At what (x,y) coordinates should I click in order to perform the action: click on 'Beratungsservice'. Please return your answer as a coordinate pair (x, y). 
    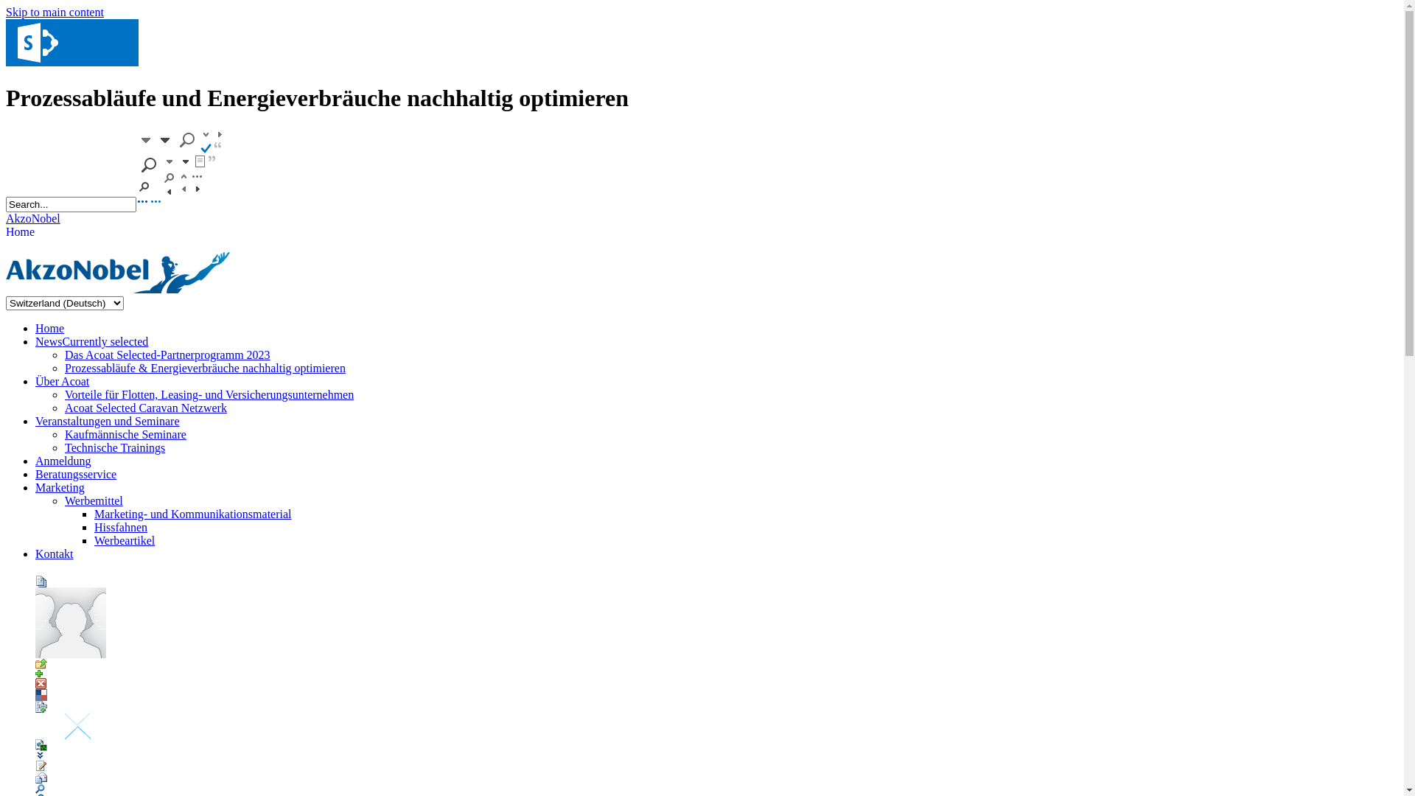
    Looking at the image, I should click on (74, 474).